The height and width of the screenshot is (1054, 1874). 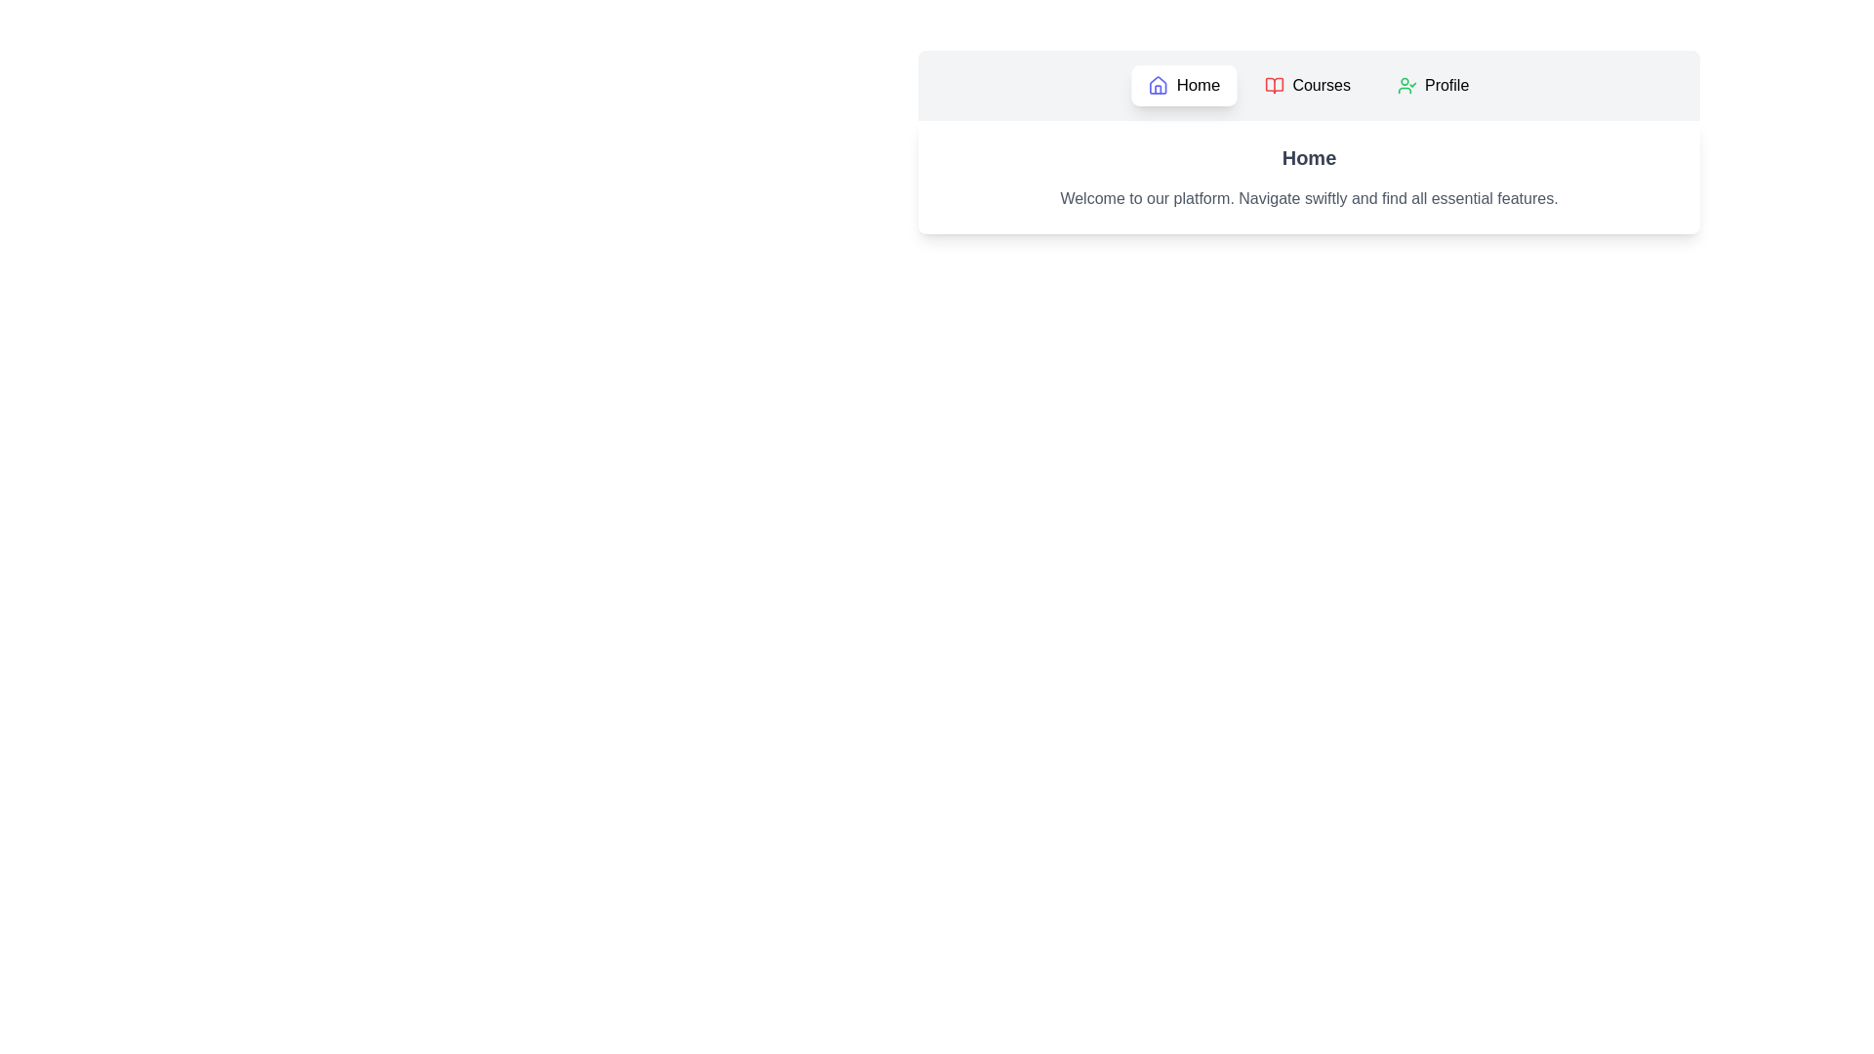 I want to click on the tab labeled Courses, so click(x=1308, y=85).